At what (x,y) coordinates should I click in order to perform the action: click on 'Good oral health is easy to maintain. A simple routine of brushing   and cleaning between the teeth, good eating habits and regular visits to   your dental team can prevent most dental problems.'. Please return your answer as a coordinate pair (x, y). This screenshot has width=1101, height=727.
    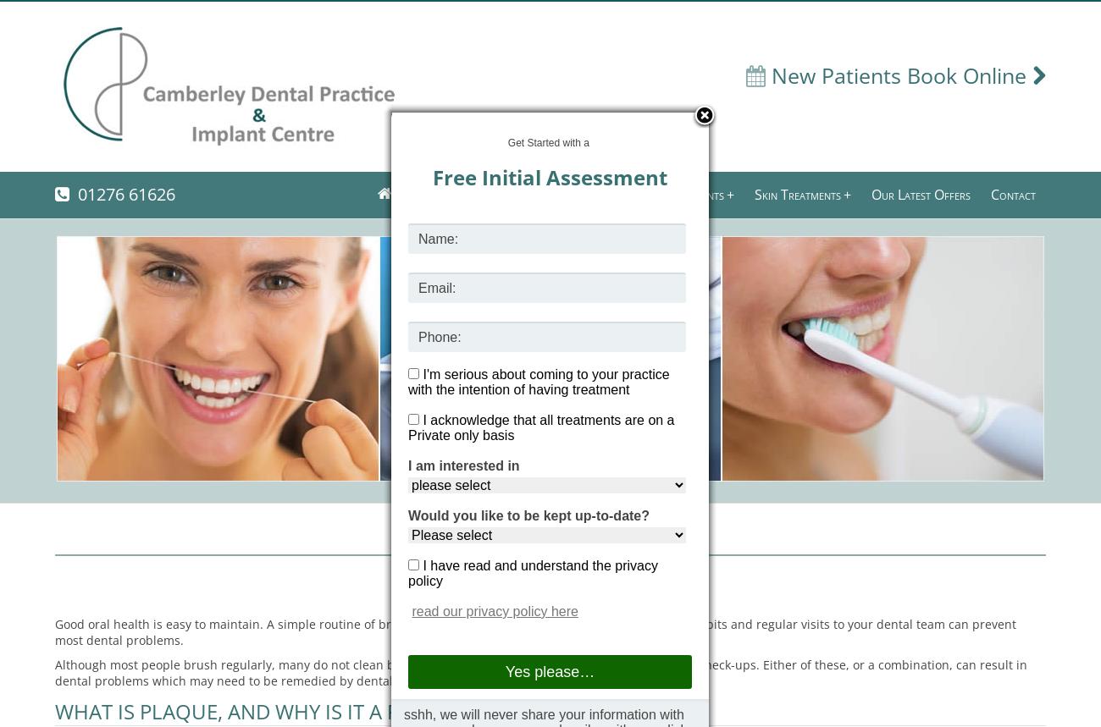
    Looking at the image, I should click on (55, 631).